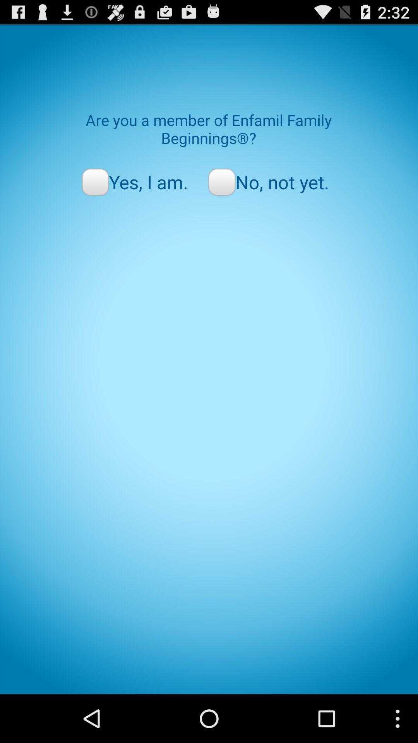 The width and height of the screenshot is (418, 743). I want to click on the icon to the right of yes, i am. item, so click(268, 181).